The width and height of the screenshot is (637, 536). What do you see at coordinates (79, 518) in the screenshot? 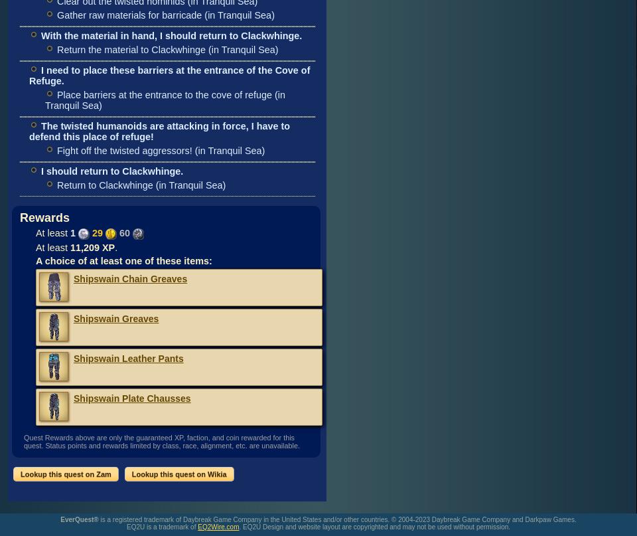
I see `'EverQuest®'` at bounding box center [79, 518].